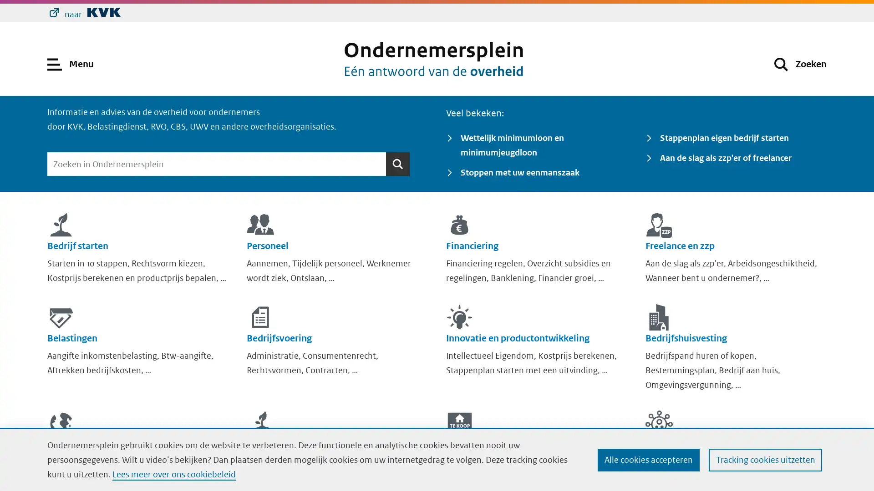 This screenshot has width=874, height=491. I want to click on Zoeken Zoeken, so click(397, 168).